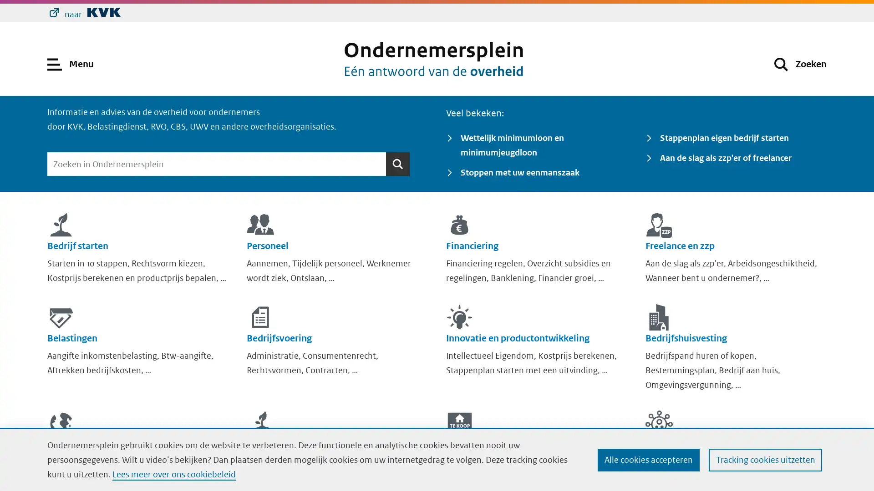 This screenshot has width=874, height=491. I want to click on Zoeken Zoeken, so click(397, 168).